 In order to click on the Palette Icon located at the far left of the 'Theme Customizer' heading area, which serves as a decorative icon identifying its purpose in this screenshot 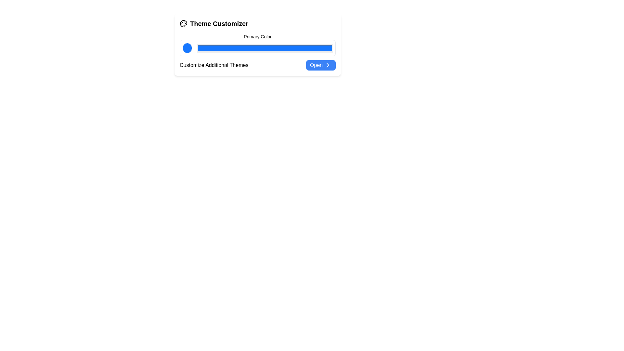, I will do `click(183, 23)`.